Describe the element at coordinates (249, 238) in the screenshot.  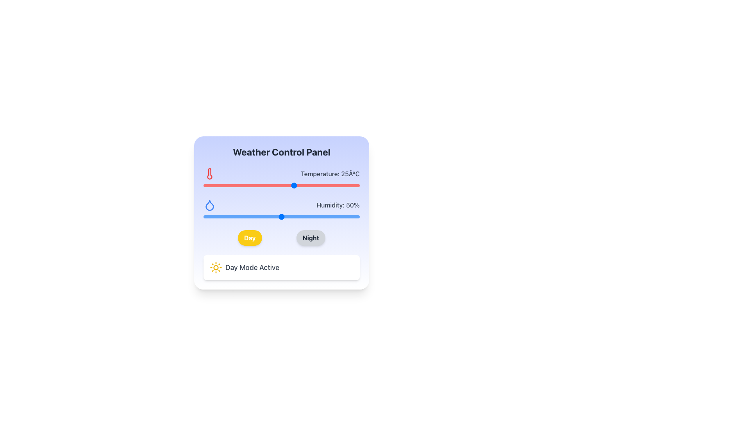
I see `the 'Day' button, which has a yellow background and white text` at that location.